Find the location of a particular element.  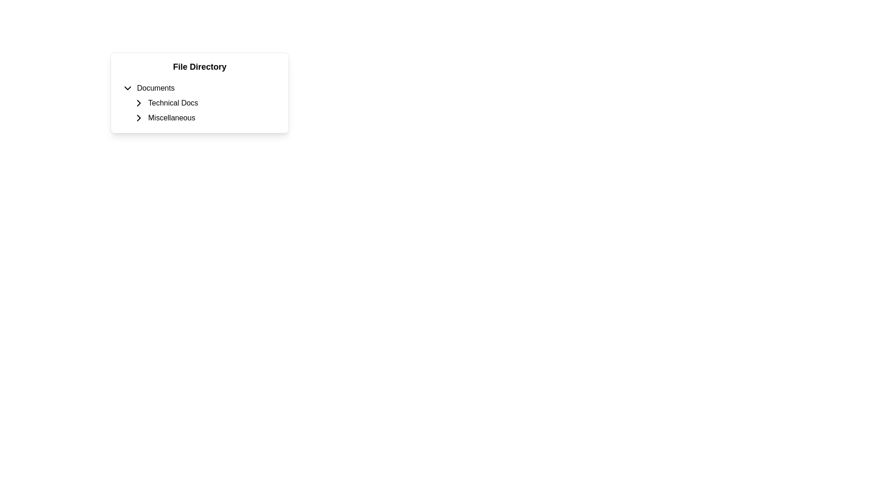

the icon-based button located to the left of 'Technical Docs' in the file directory UI is located at coordinates (138, 103).